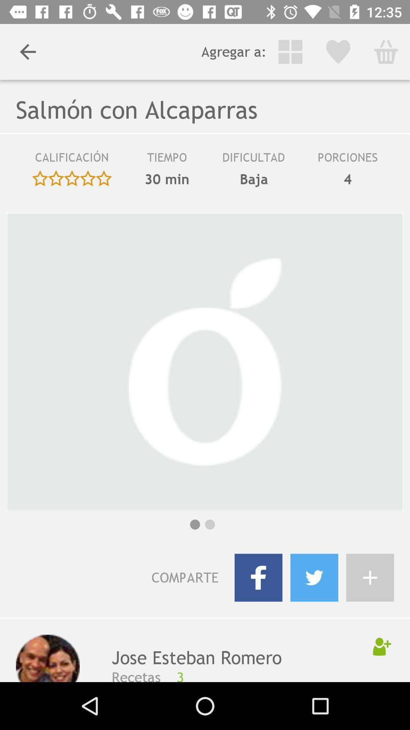  What do you see at coordinates (232, 657) in the screenshot?
I see `the icon above the recetas item` at bounding box center [232, 657].